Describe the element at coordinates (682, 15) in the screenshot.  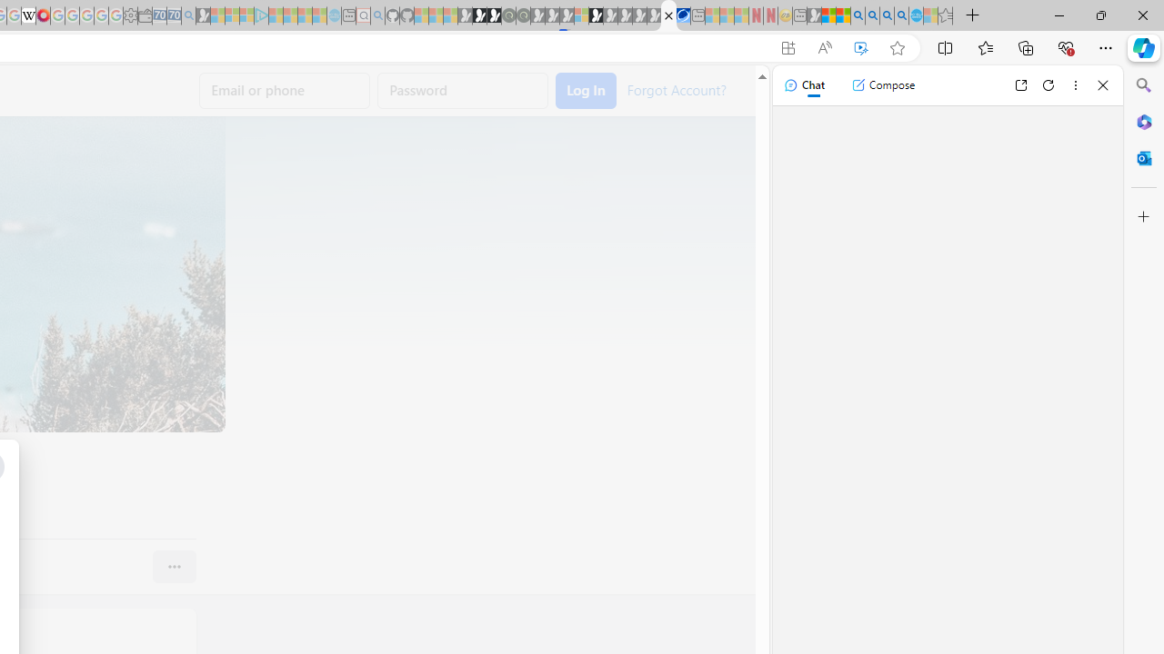
I see `'AirNow.gov'` at that location.